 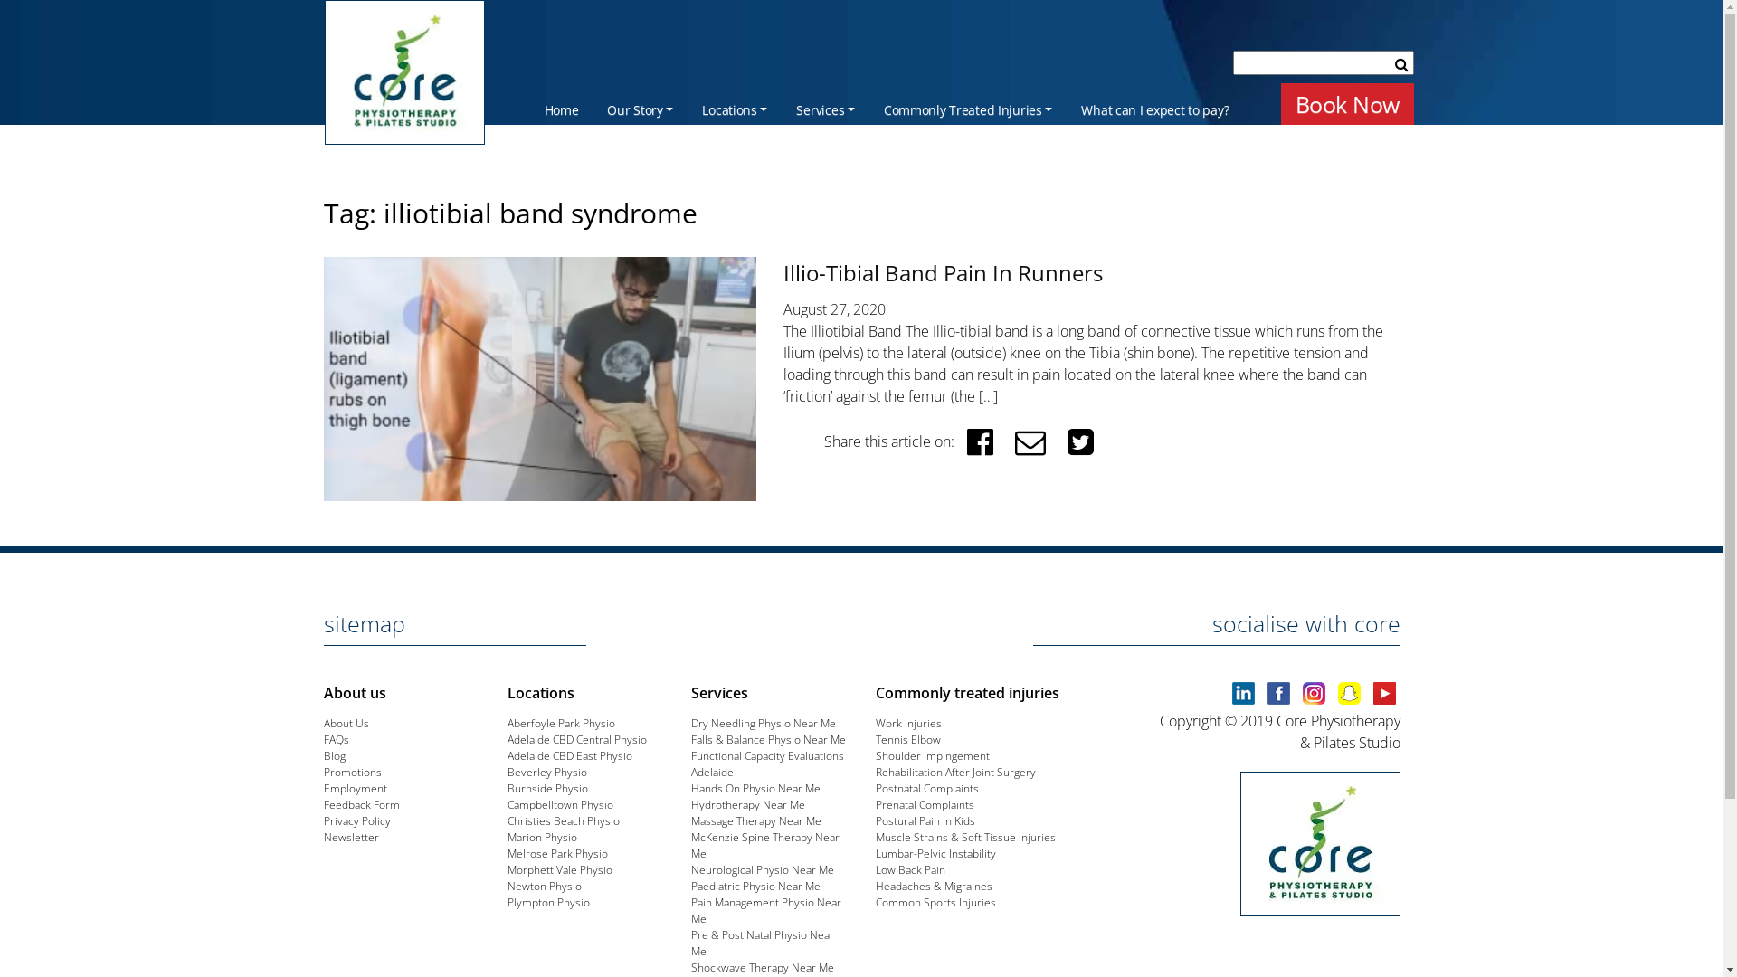 What do you see at coordinates (559, 868) in the screenshot?
I see `'Morphett Vale Physio'` at bounding box center [559, 868].